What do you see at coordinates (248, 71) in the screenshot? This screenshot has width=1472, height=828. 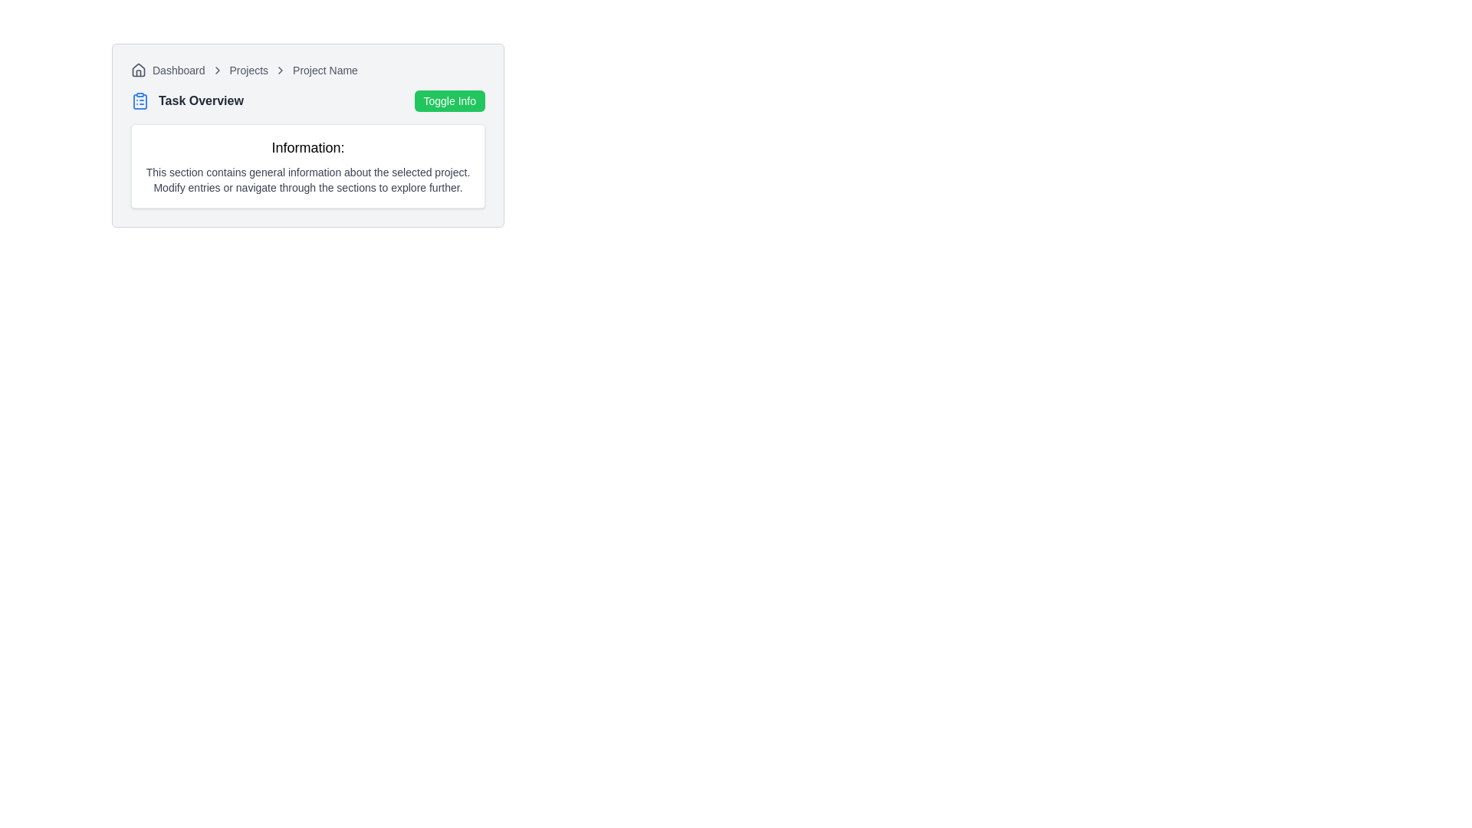 I see `the 'Projects' breadcrumb link` at bounding box center [248, 71].